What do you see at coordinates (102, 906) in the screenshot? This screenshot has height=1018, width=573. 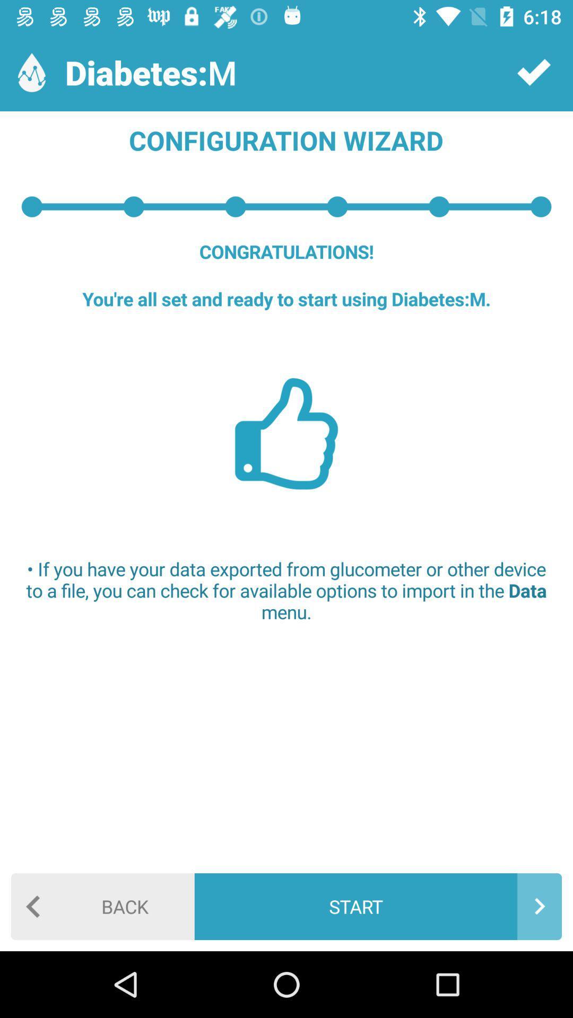 I see `the back` at bounding box center [102, 906].